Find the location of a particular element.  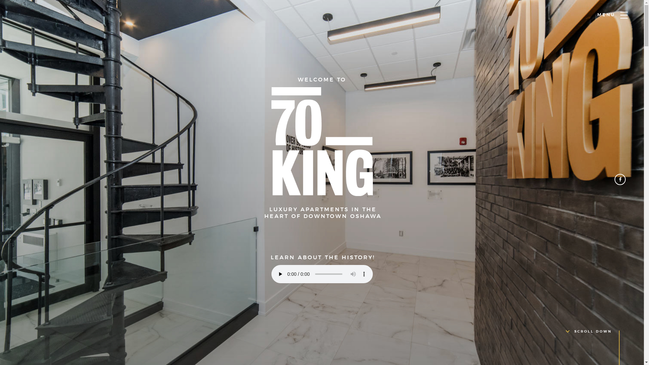

'SCROLL DOWN' is located at coordinates (588, 331).